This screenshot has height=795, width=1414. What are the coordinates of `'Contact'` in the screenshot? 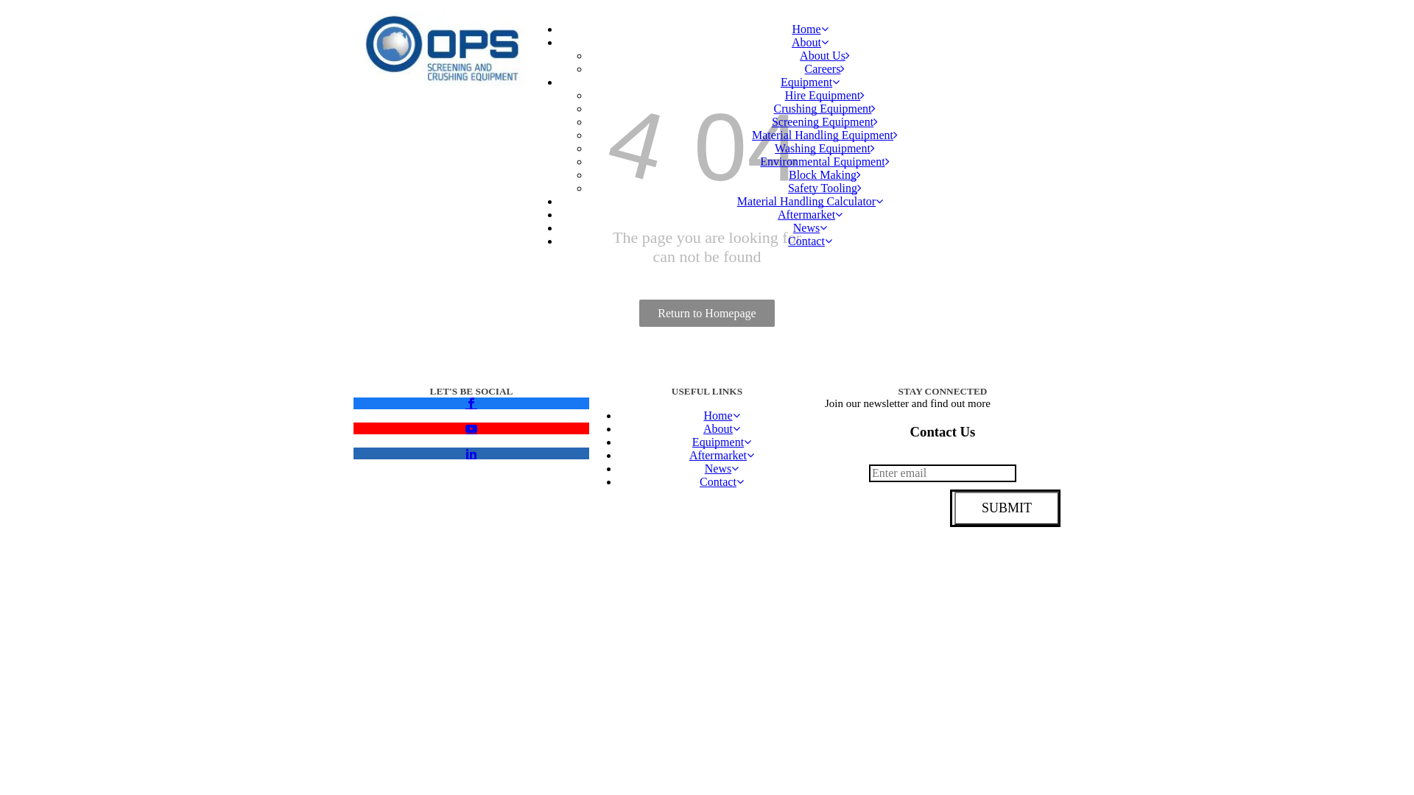 It's located at (721, 481).